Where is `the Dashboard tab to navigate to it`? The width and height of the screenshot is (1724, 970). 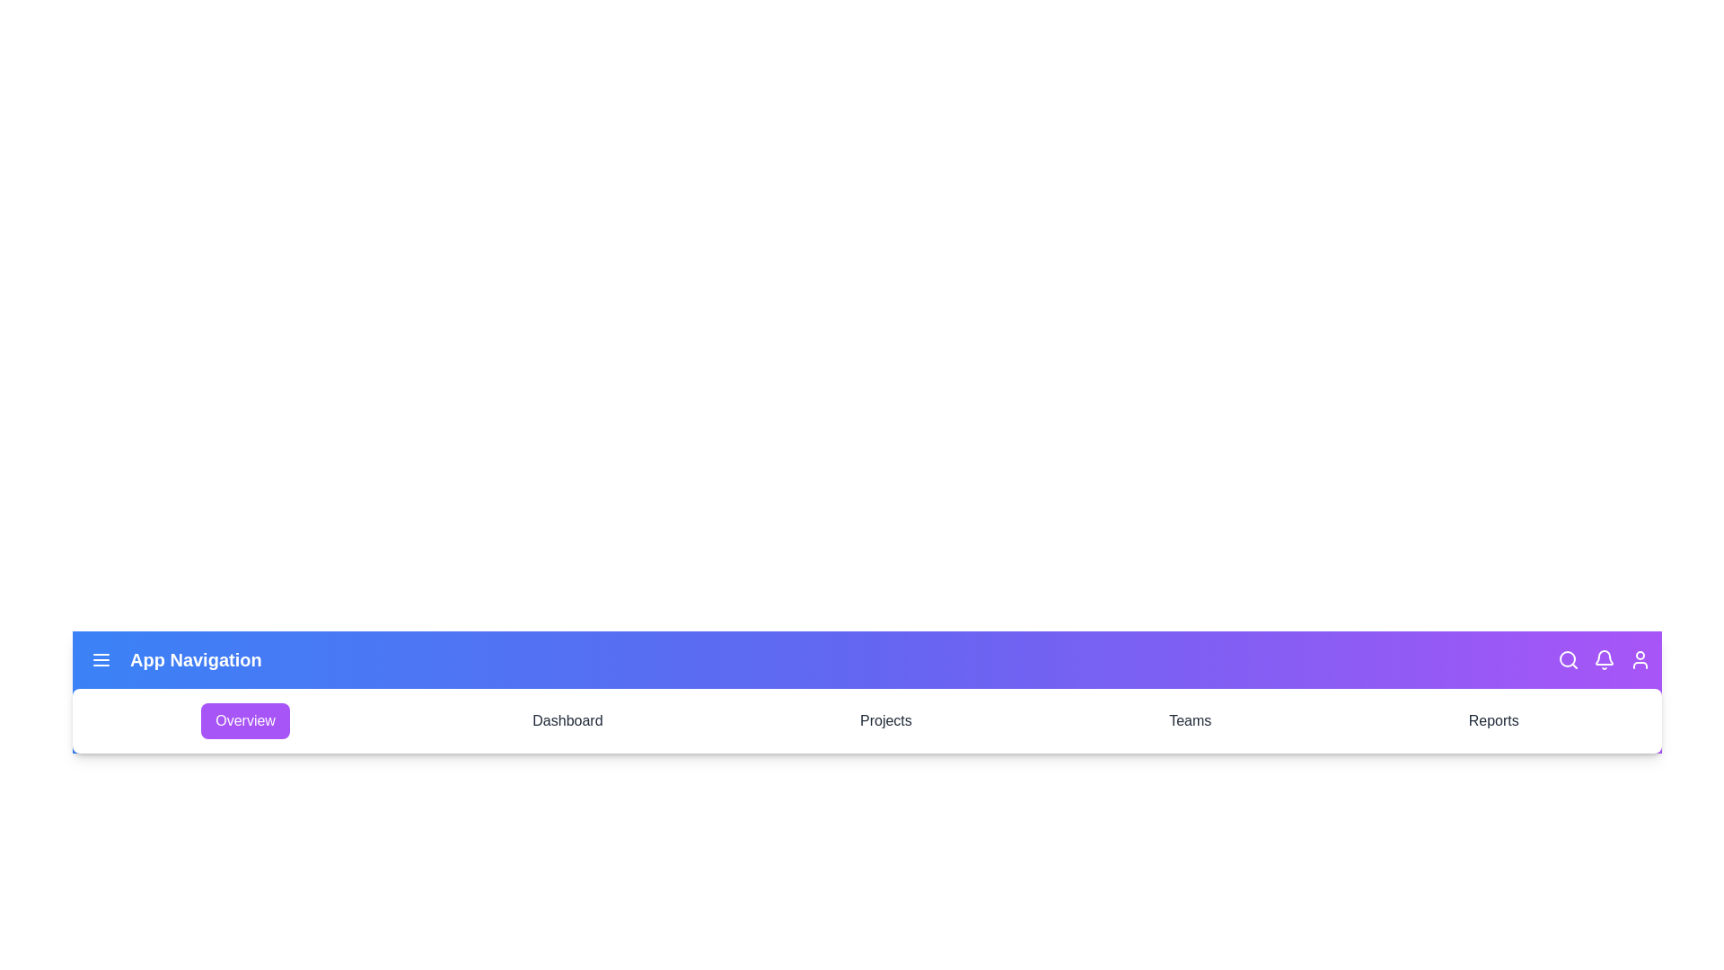
the Dashboard tab to navigate to it is located at coordinates (567, 719).